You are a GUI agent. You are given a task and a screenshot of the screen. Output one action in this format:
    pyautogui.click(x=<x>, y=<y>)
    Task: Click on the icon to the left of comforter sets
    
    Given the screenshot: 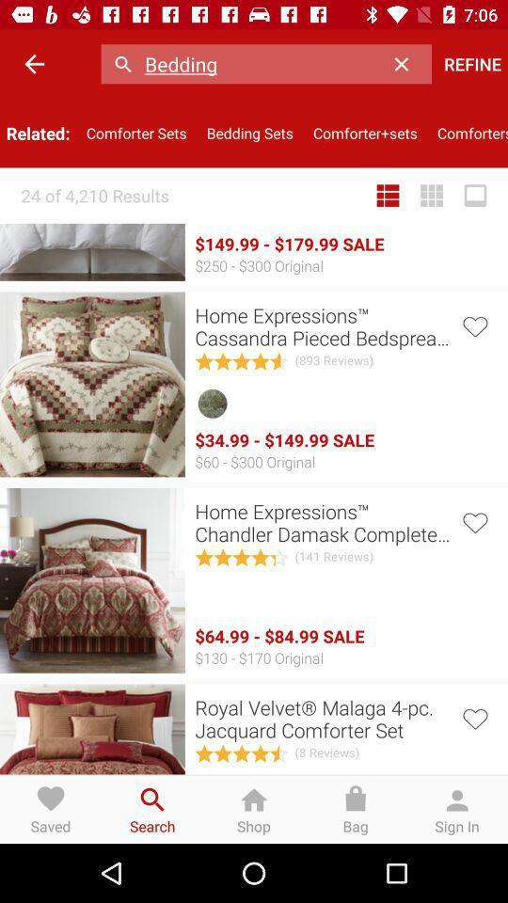 What is the action you would take?
    pyautogui.click(x=34, y=64)
    